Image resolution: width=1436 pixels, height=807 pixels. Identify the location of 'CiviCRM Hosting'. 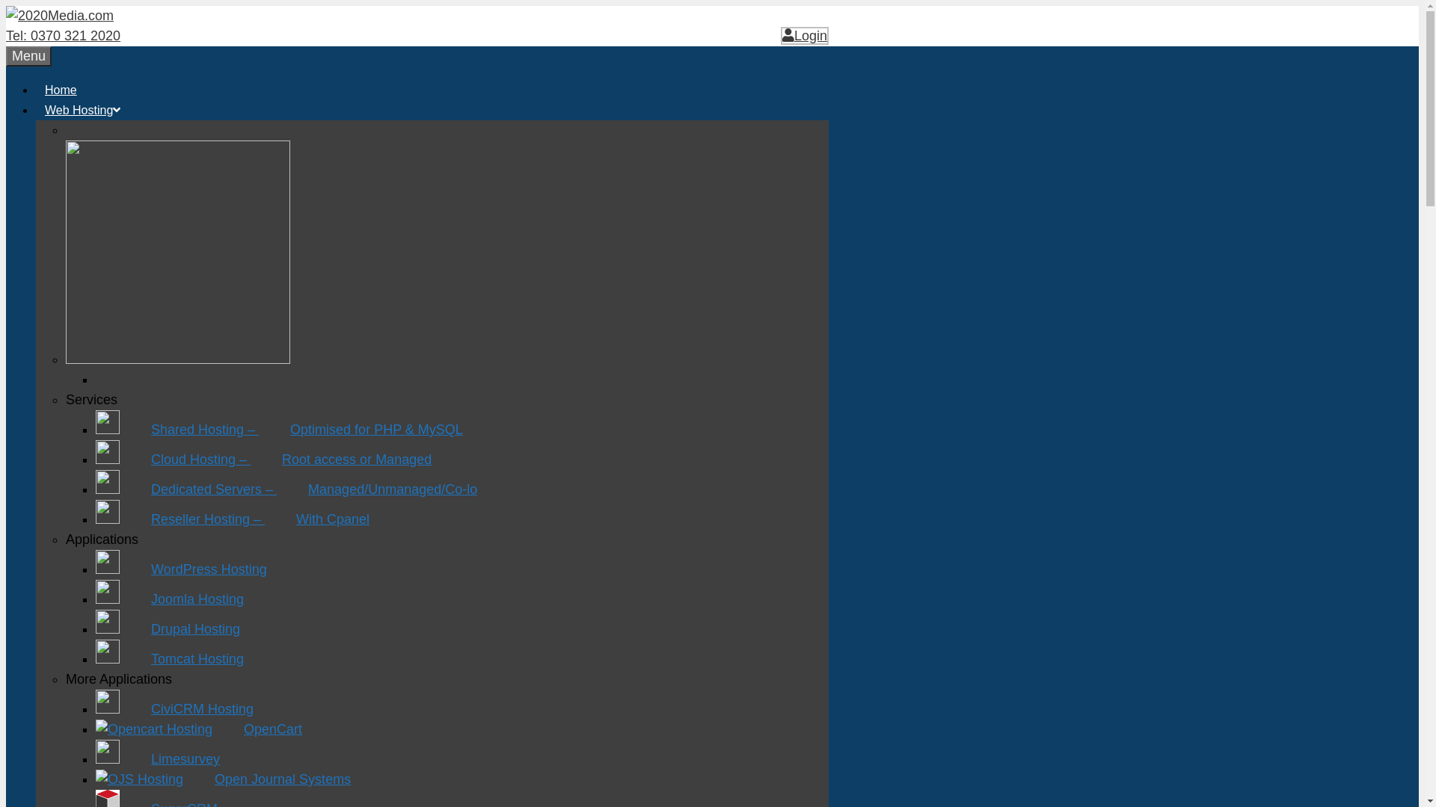
(174, 708).